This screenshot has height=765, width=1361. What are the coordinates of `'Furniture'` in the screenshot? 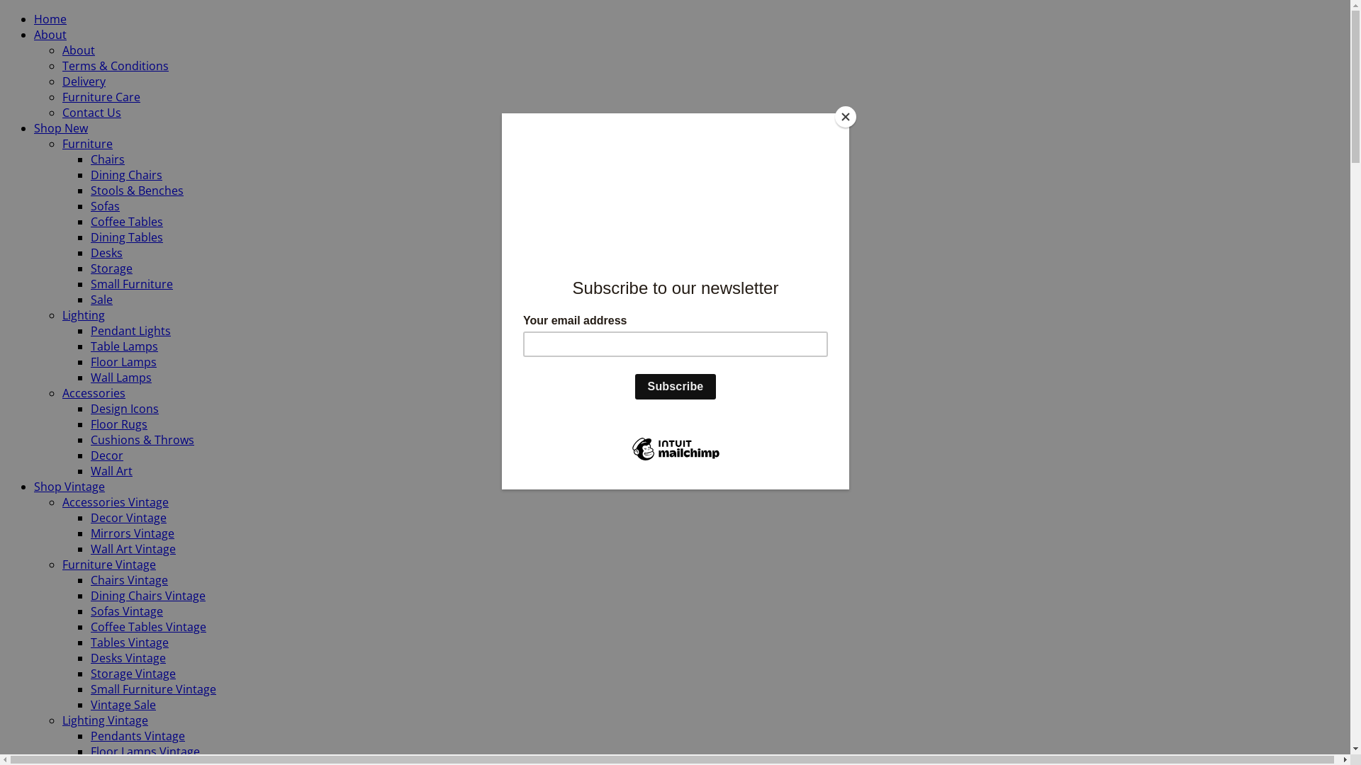 It's located at (61, 144).